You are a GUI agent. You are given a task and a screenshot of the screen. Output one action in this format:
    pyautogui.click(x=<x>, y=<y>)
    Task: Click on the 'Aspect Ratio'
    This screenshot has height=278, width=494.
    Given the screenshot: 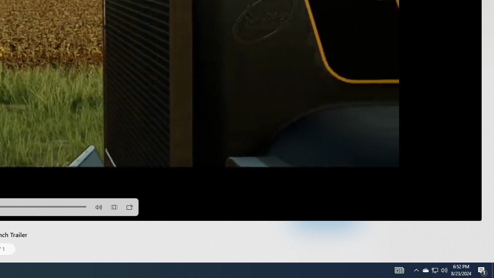 What is the action you would take?
    pyautogui.click(x=114, y=207)
    